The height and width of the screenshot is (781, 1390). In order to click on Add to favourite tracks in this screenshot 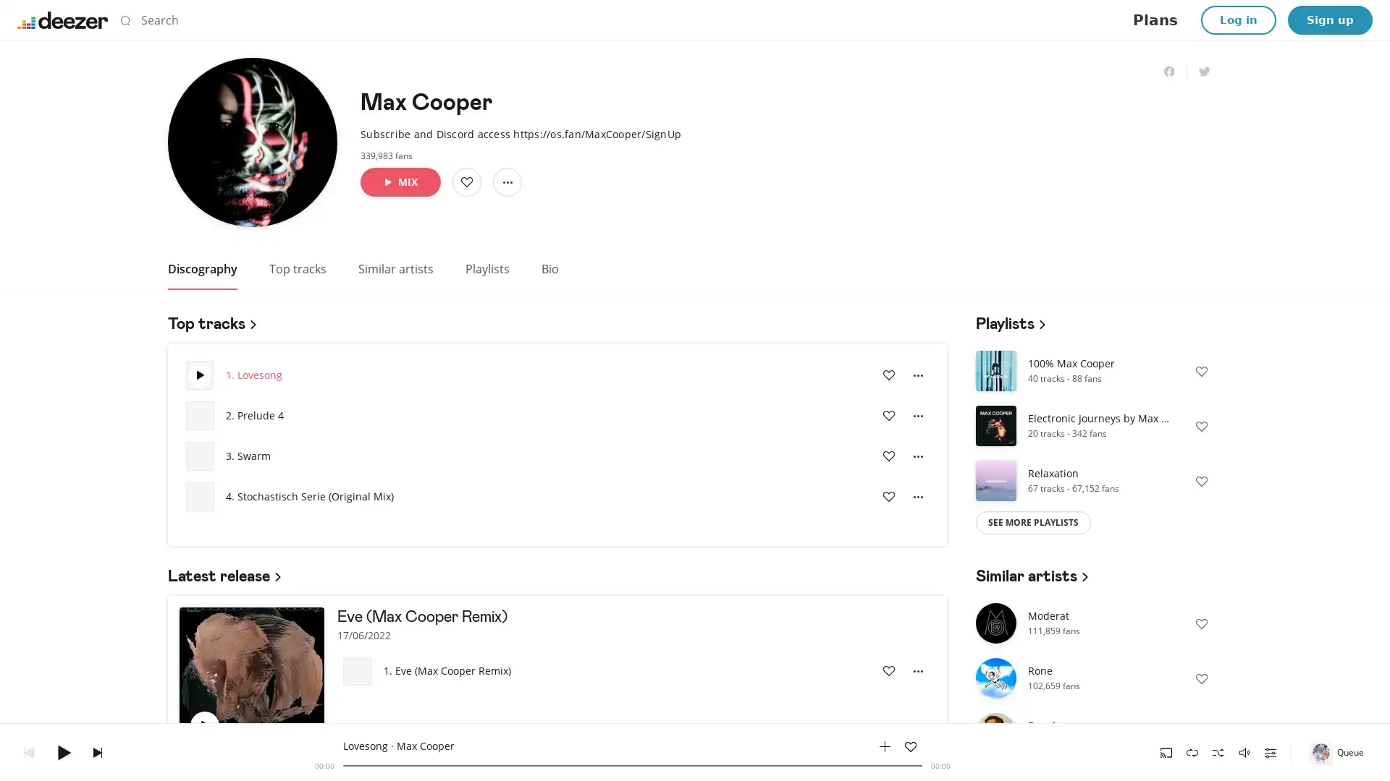, I will do `click(888, 456)`.